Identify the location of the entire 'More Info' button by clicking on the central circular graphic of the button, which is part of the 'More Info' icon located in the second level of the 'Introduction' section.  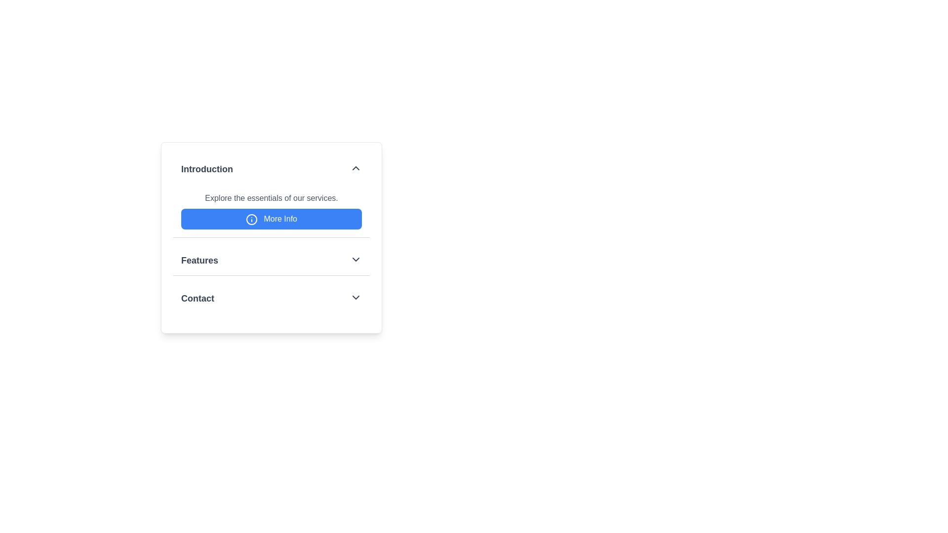
(251, 219).